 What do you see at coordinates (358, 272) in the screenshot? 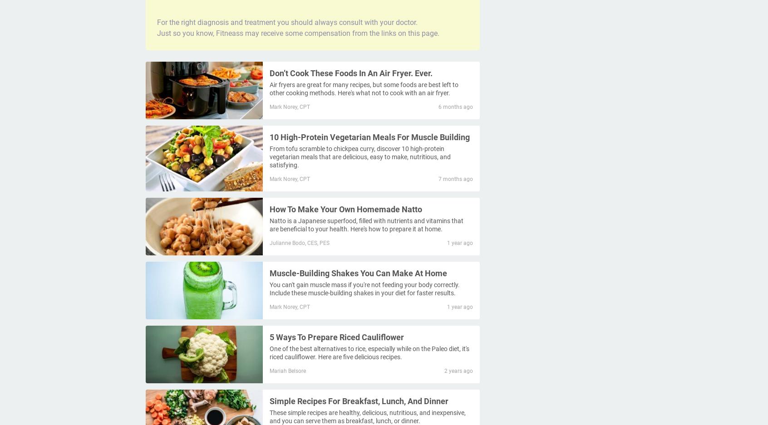
I see `'Muscle-Building Shakes You Can Make At Home'` at bounding box center [358, 272].